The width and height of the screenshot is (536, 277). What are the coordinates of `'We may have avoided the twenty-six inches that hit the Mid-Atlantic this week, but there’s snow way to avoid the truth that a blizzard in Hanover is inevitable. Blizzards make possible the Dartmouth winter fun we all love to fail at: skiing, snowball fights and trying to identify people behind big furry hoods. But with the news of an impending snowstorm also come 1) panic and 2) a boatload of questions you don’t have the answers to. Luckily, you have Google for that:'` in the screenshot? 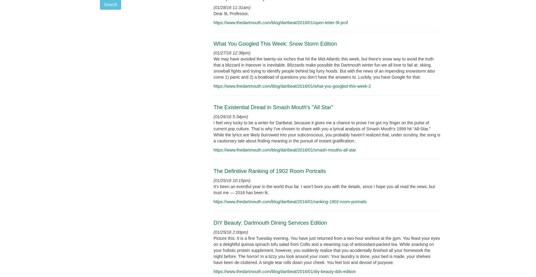 It's located at (324, 67).